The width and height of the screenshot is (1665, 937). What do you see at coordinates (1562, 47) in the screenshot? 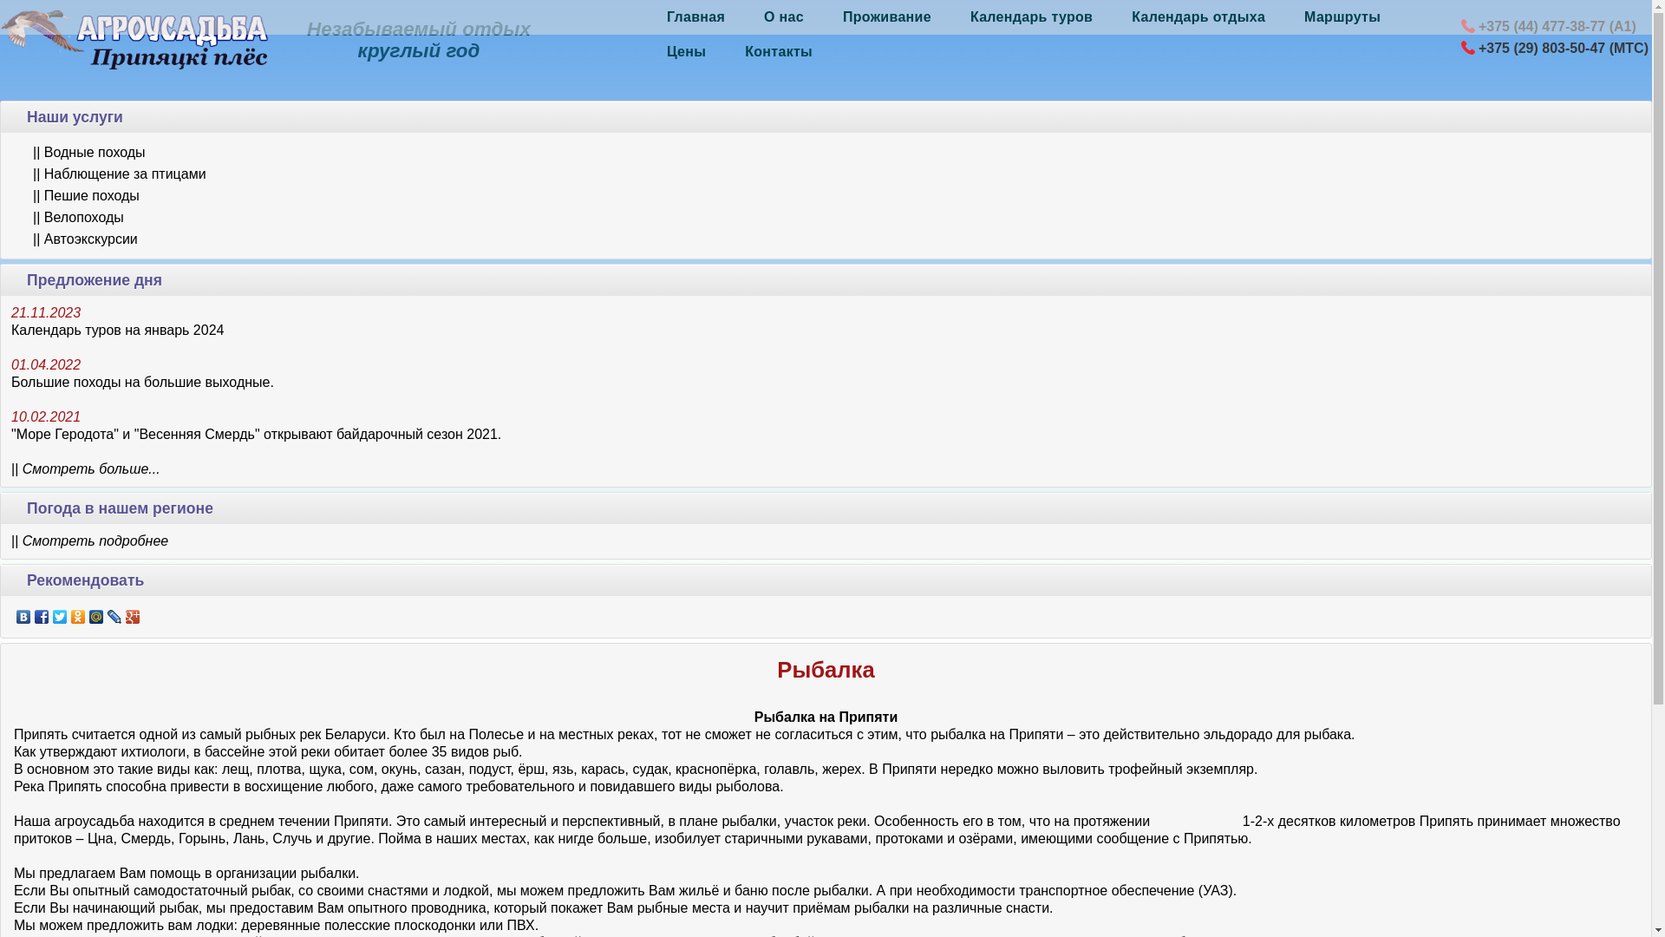
I see `'+375 (29) 803-50-47 (MTC)'` at bounding box center [1562, 47].